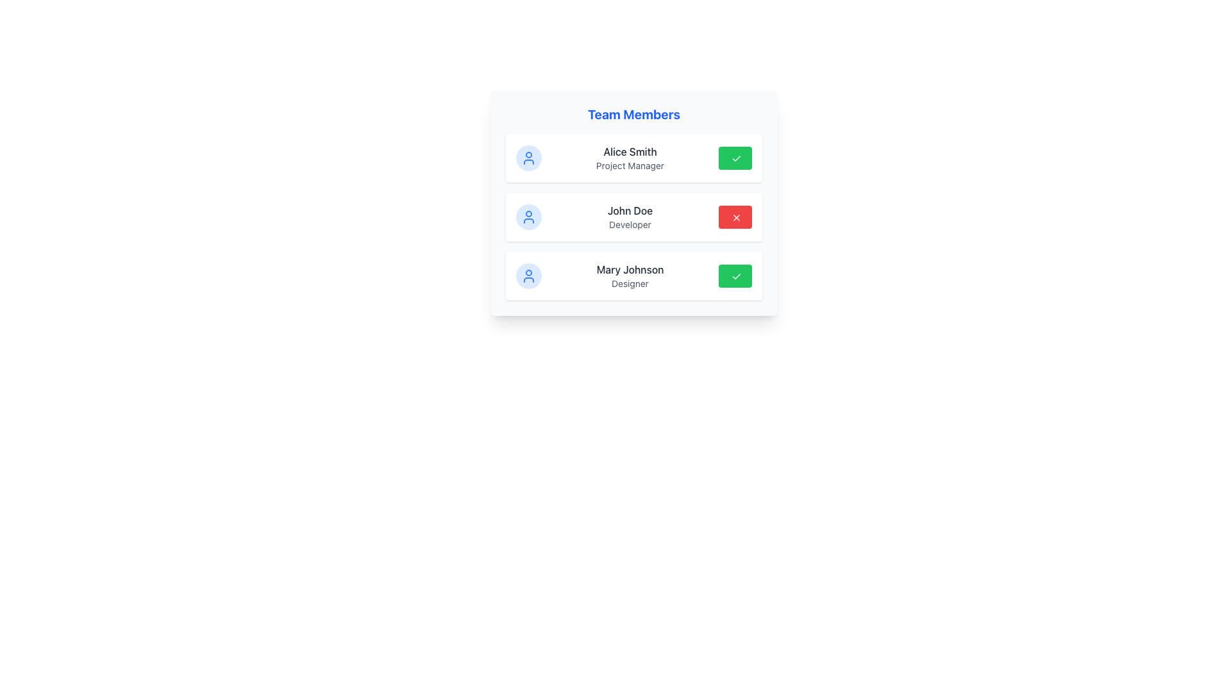 The image size is (1231, 692). Describe the element at coordinates (630, 283) in the screenshot. I see `the 'Designer' text label located directly below 'Mary Johnson' in the profile card` at that location.